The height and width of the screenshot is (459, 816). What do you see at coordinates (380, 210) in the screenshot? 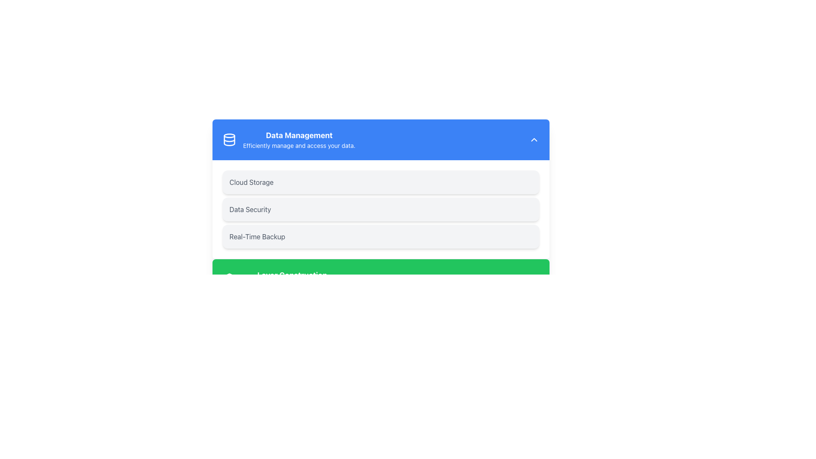
I see `the 'Data Security' button, which is styled with a light gray background and rounded corners` at bounding box center [380, 210].